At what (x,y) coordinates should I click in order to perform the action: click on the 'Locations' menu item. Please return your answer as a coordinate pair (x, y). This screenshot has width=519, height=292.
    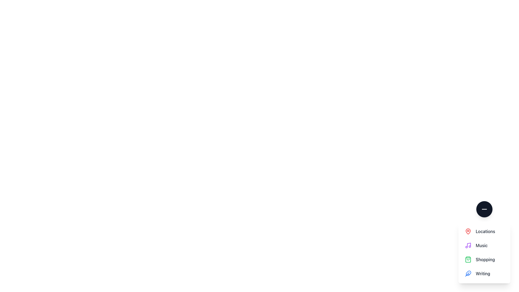
    Looking at the image, I should click on (484, 231).